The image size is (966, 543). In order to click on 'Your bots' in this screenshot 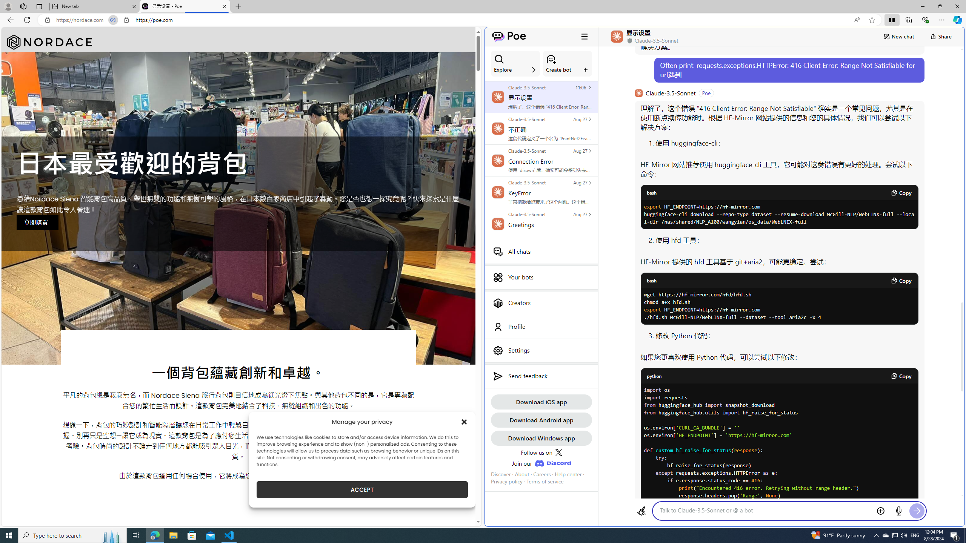, I will do `click(541, 277)`.